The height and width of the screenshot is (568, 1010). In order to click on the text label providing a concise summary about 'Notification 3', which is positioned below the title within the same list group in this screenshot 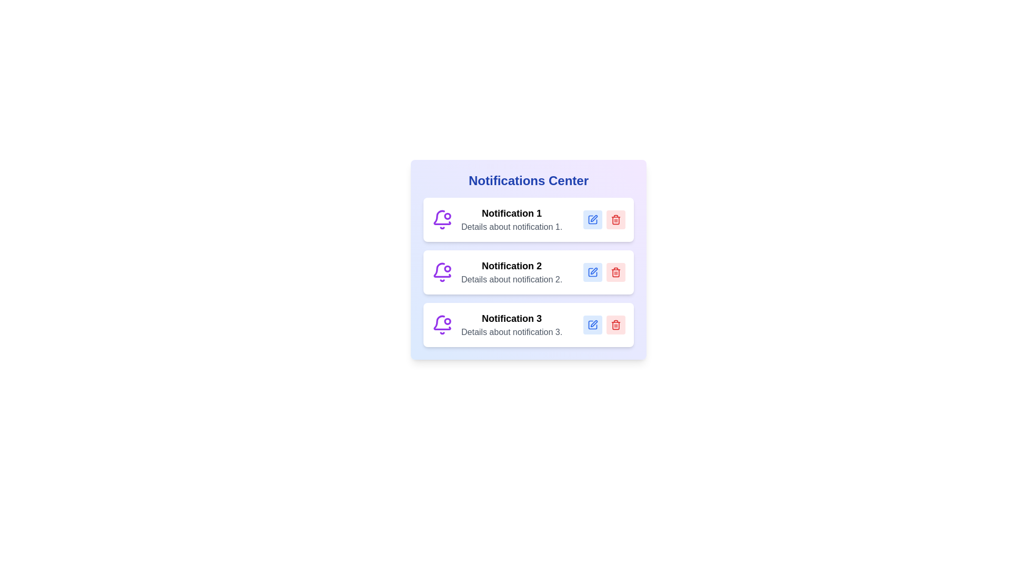, I will do `click(512, 332)`.